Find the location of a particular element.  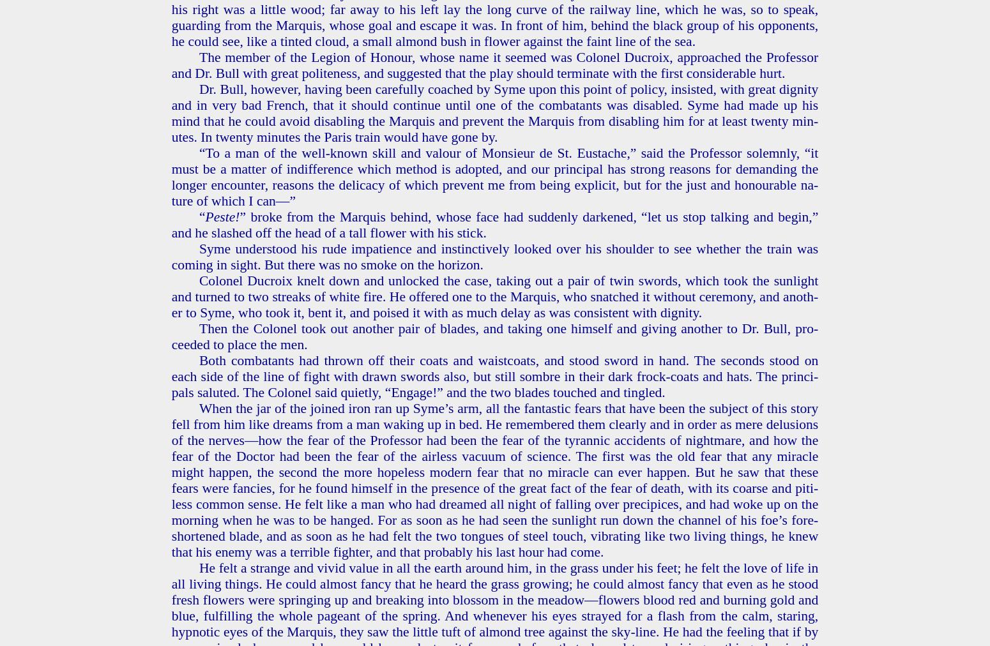

'Peste!' is located at coordinates (221, 216).